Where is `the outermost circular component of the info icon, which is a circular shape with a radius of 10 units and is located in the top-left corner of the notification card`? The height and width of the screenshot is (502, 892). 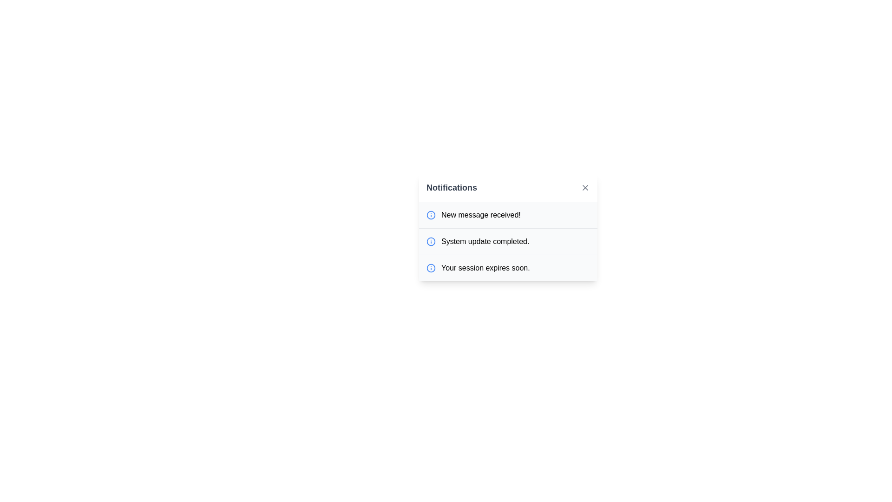
the outermost circular component of the info icon, which is a circular shape with a radius of 10 units and is located in the top-left corner of the notification card is located at coordinates (430, 215).